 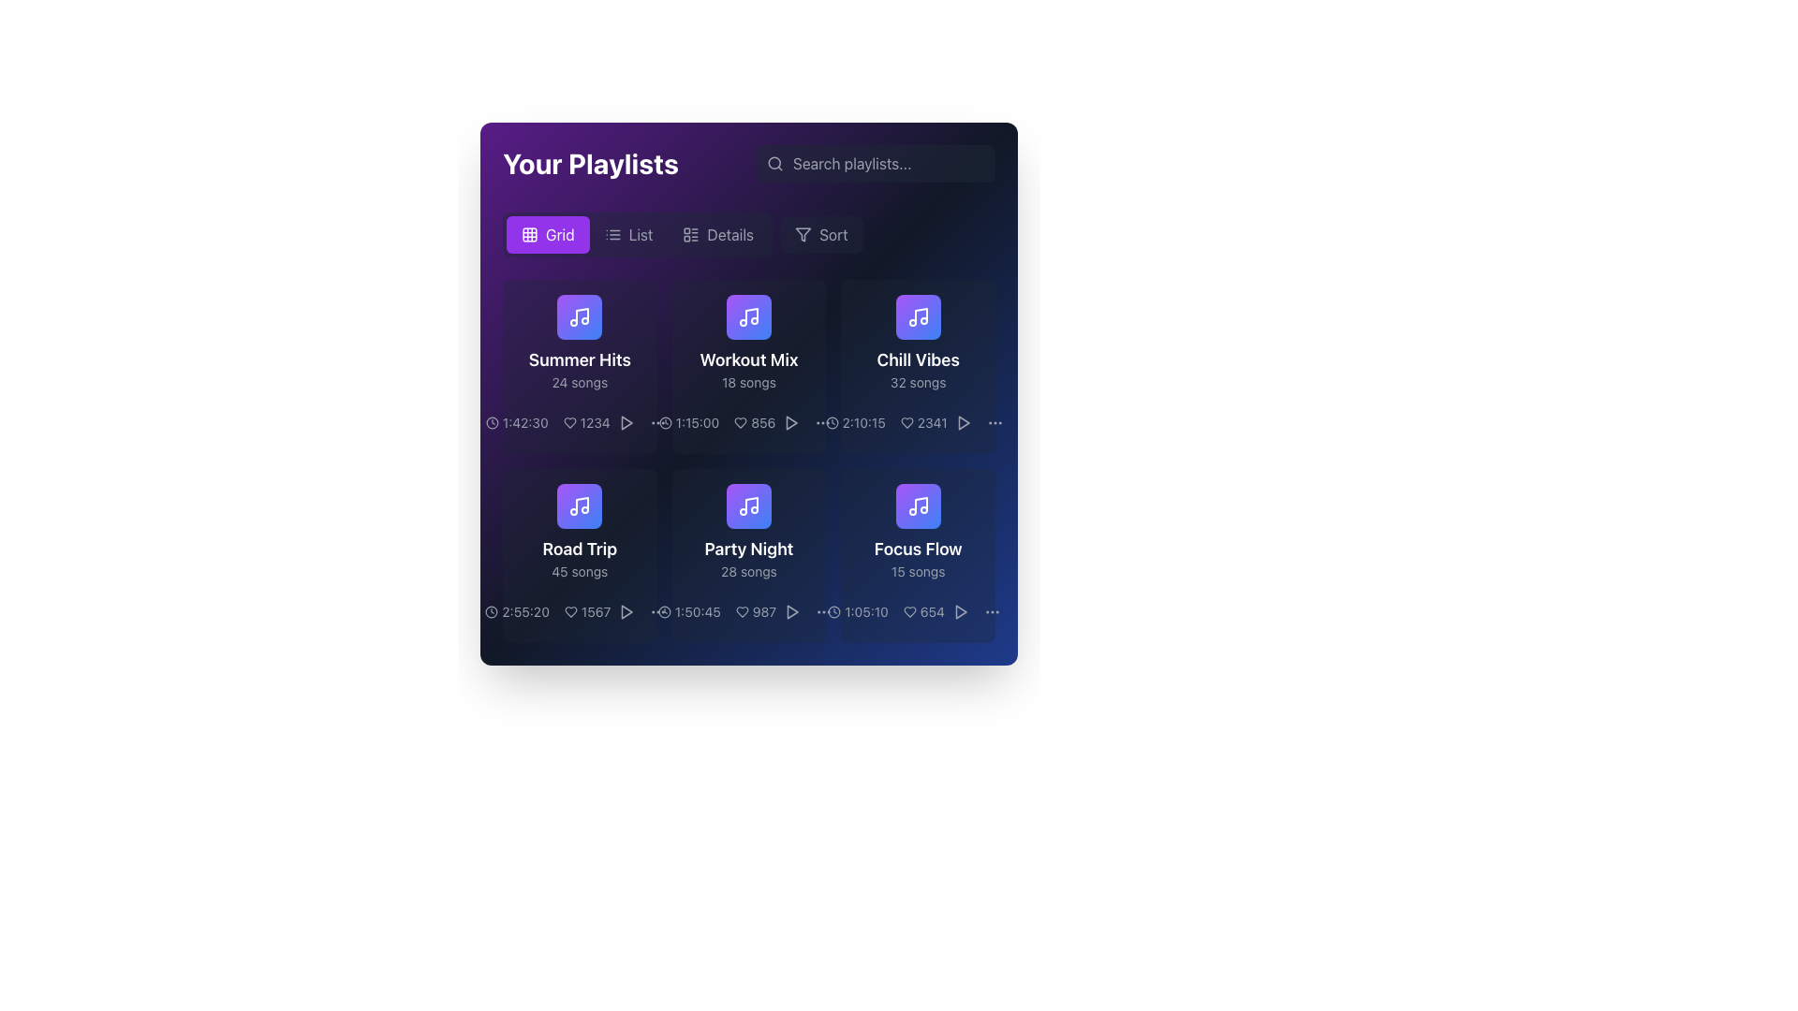 I want to click on the small icon button composed of three vertical dots, located at the bottom right of the 'Focus Flow' playlist item, to observe interactive effects, so click(x=992, y=612).